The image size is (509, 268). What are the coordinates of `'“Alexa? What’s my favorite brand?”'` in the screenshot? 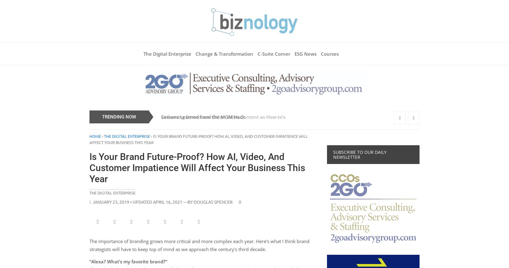 It's located at (128, 262).